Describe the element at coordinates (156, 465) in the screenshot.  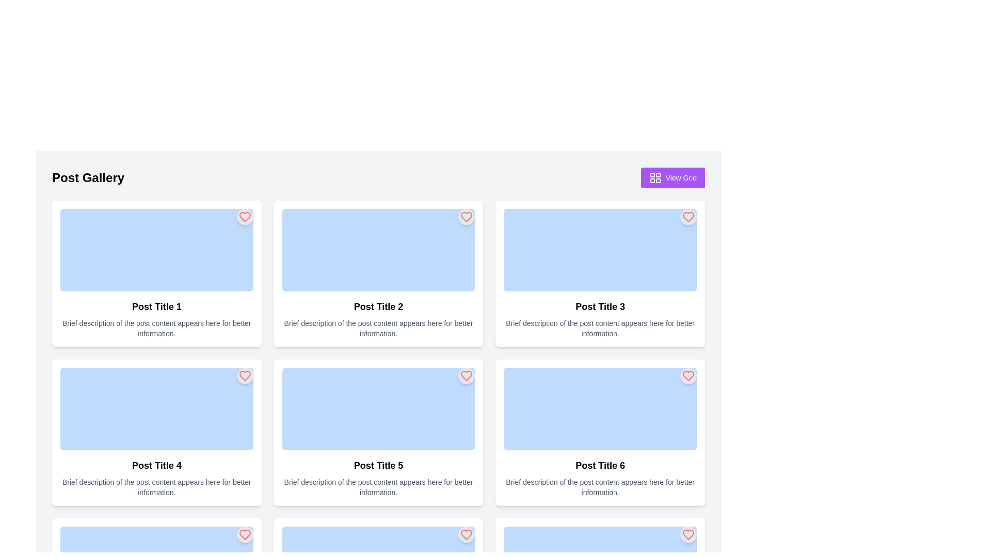
I see `the text display labeled 'Post Title 4' which is styled in a bold and larger font, located in the fourth card of the grid layout, specifically in the second row and first column, positioned below a blue rectangular image and above a descriptive text block` at that location.